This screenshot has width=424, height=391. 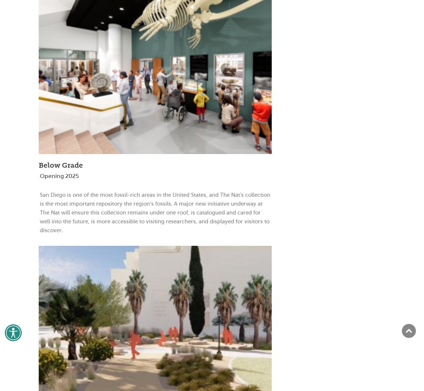 I want to click on '. A major new', so click(x=189, y=203).